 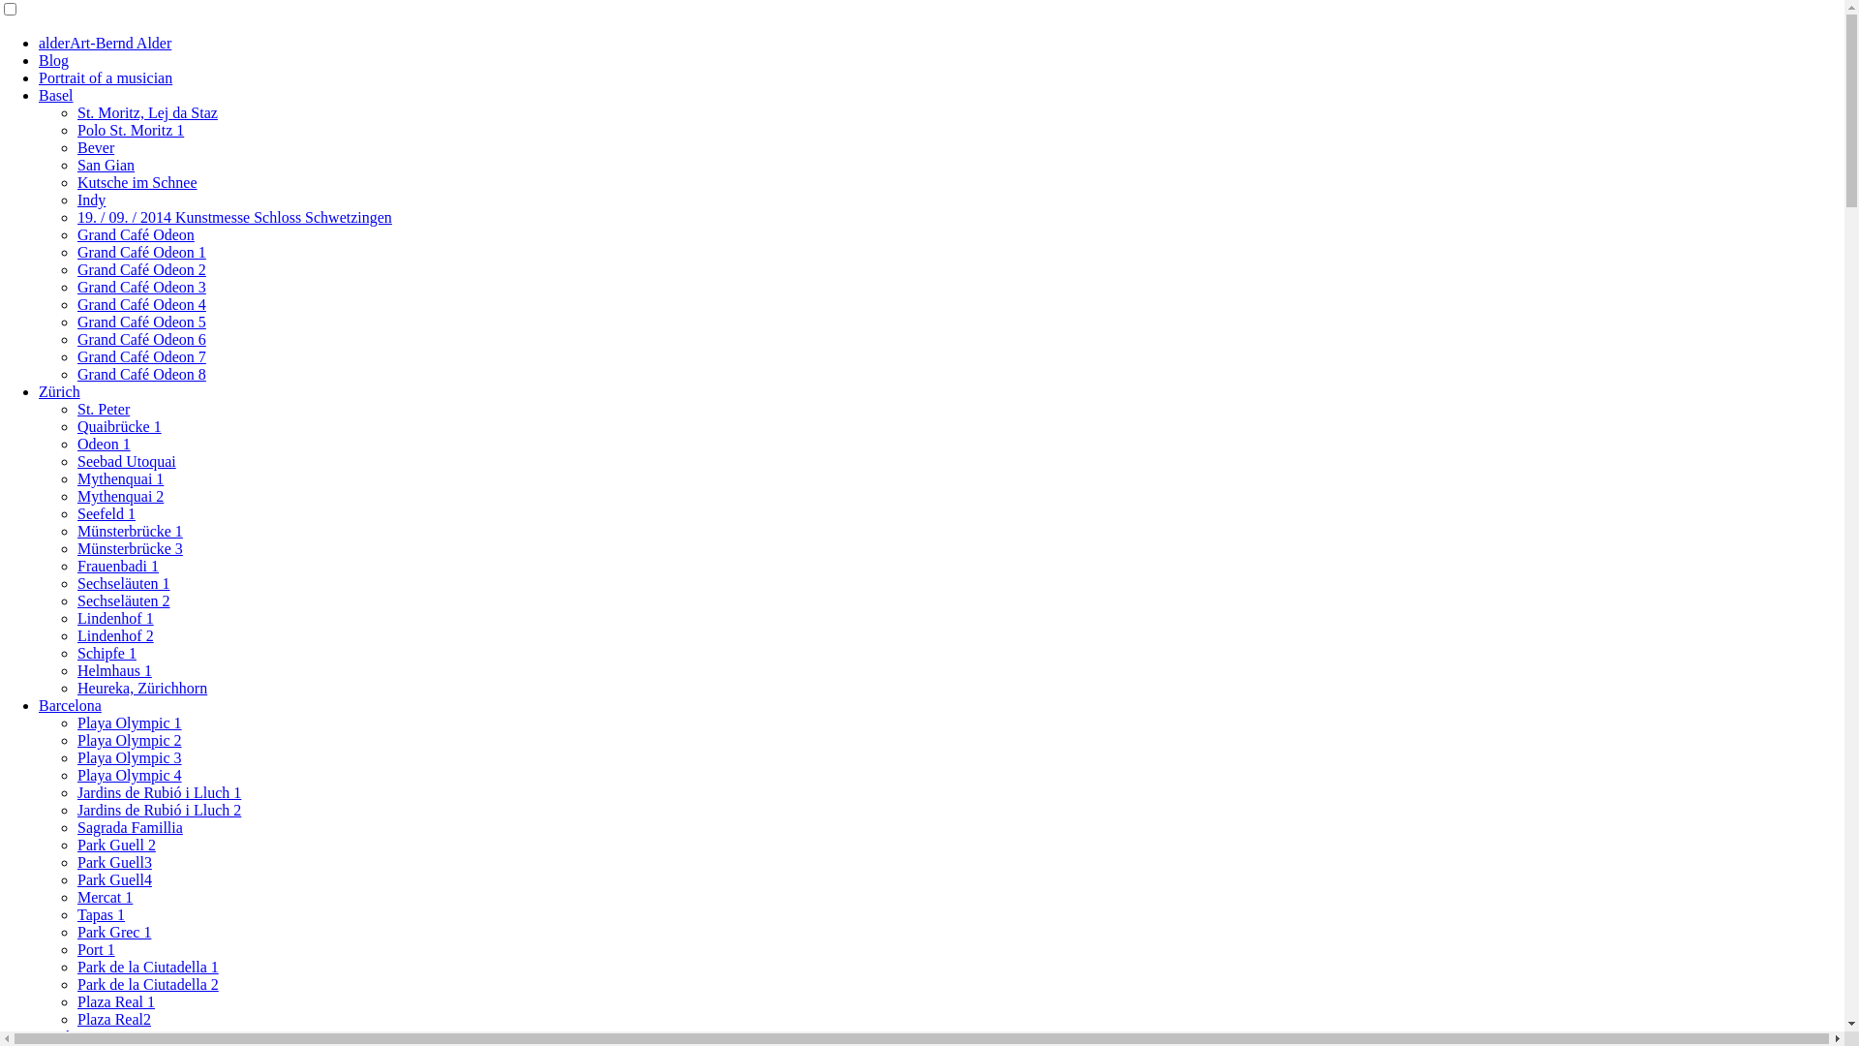 What do you see at coordinates (129, 756) in the screenshot?
I see `'Playa Olympic 3'` at bounding box center [129, 756].